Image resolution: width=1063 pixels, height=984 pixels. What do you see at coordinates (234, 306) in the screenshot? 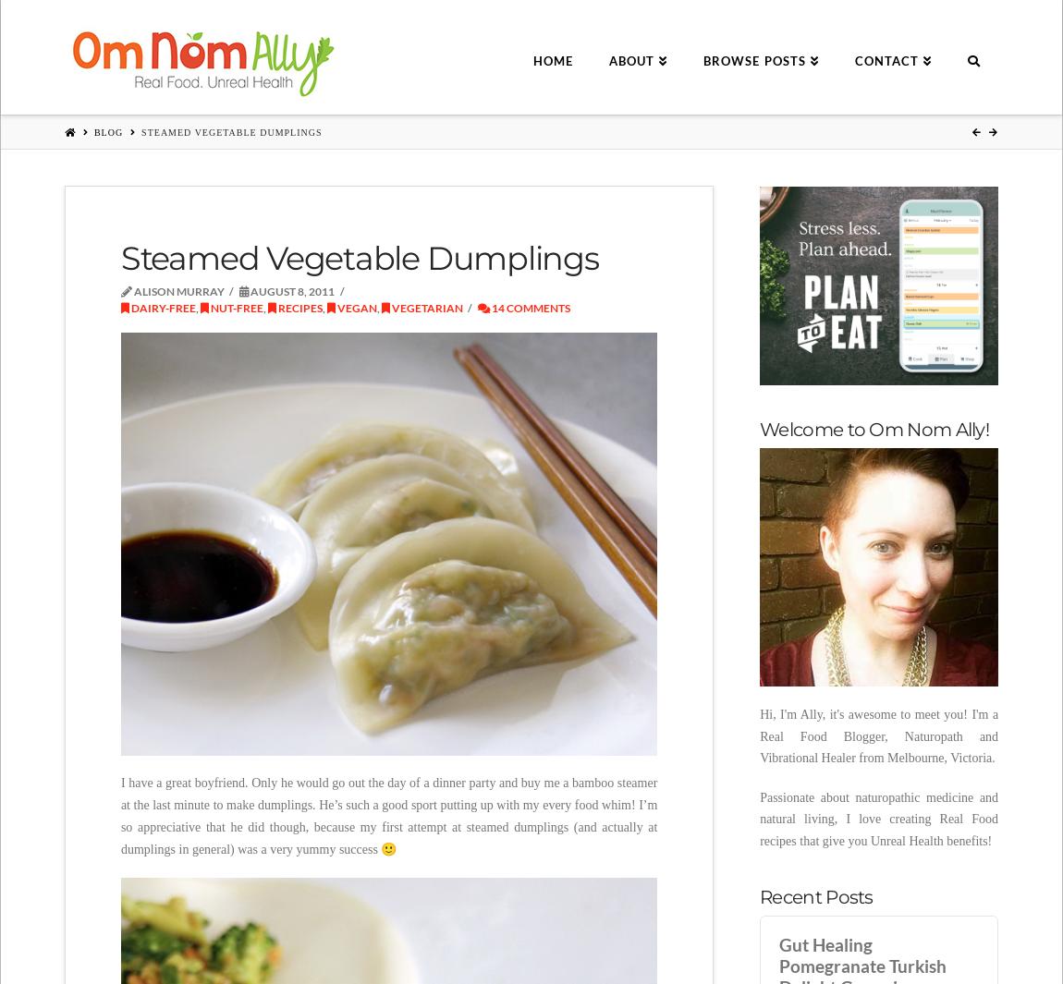
I see `'Nut-free'` at bounding box center [234, 306].